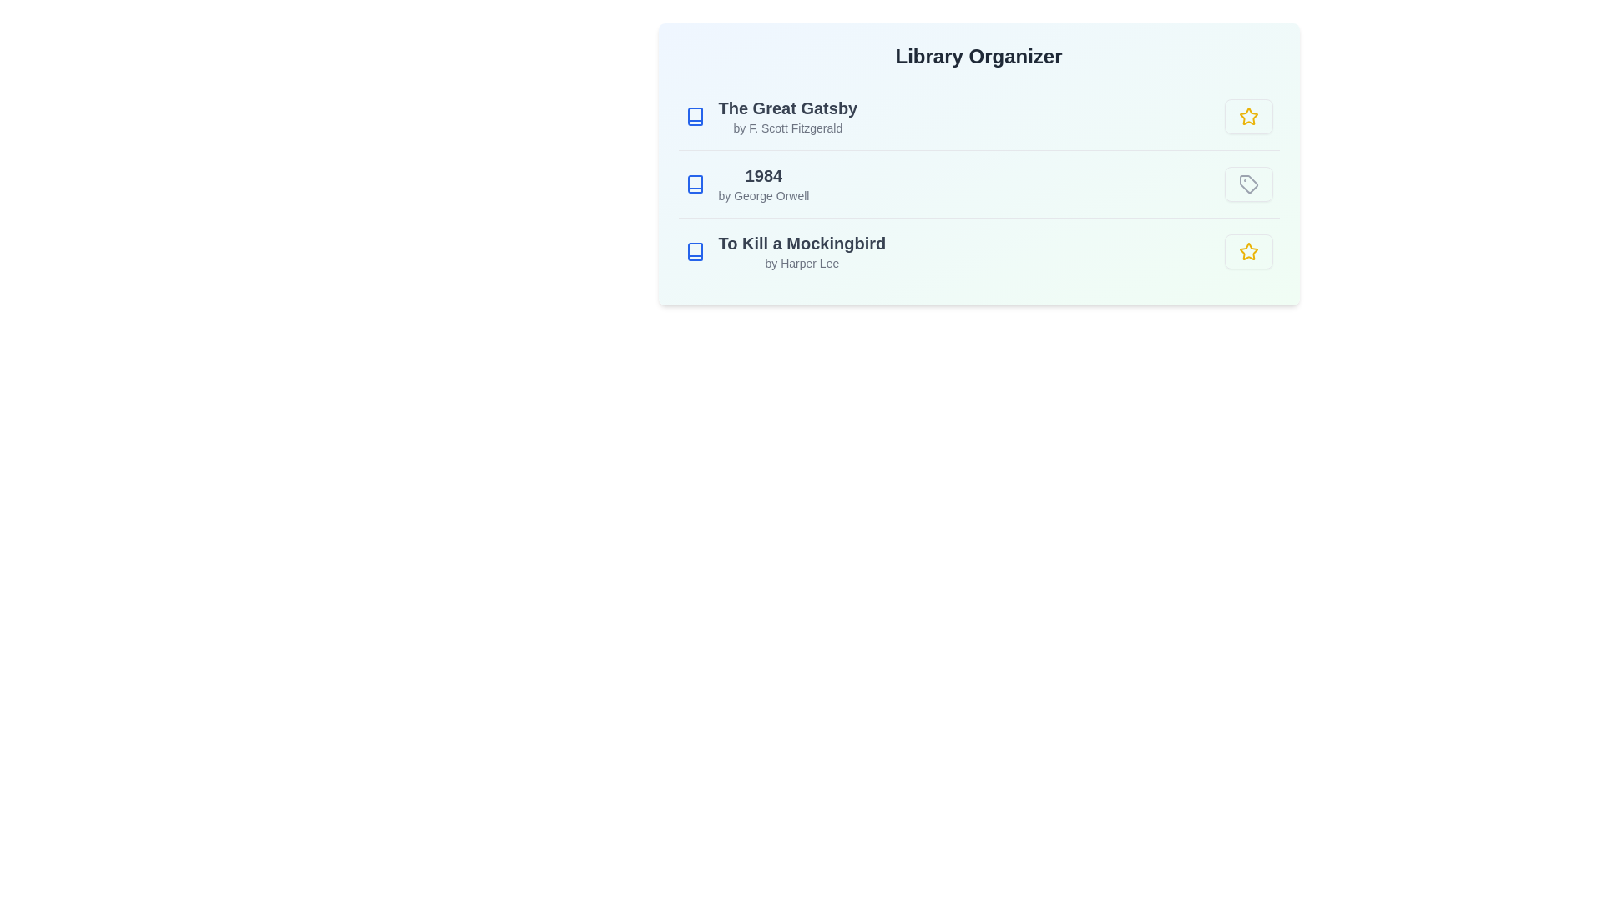 This screenshot has height=901, width=1603. I want to click on the book icon corresponding to The Great Gatsby, so click(695, 115).